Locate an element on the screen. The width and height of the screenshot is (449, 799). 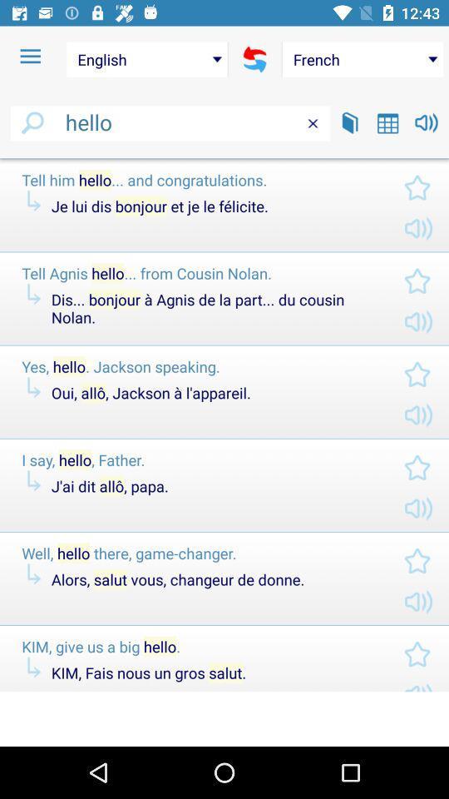
open calendar is located at coordinates (387, 122).